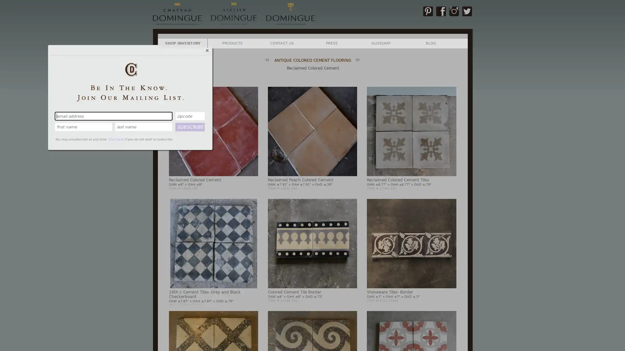 The height and width of the screenshot is (351, 625). What do you see at coordinates (206, 50) in the screenshot?
I see `Close` at bounding box center [206, 50].